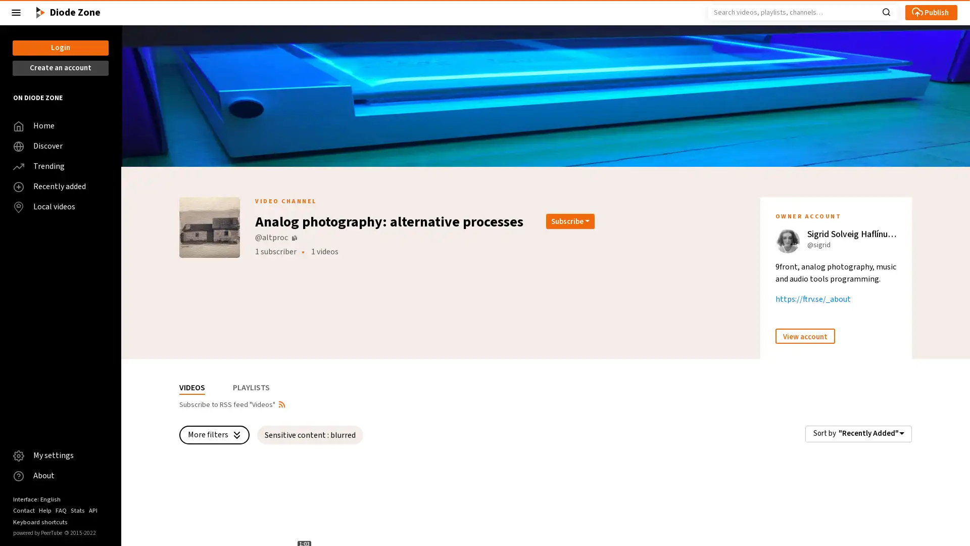 The width and height of the screenshot is (970, 546). Describe the element at coordinates (16, 12) in the screenshot. I see `Close the left menu` at that location.